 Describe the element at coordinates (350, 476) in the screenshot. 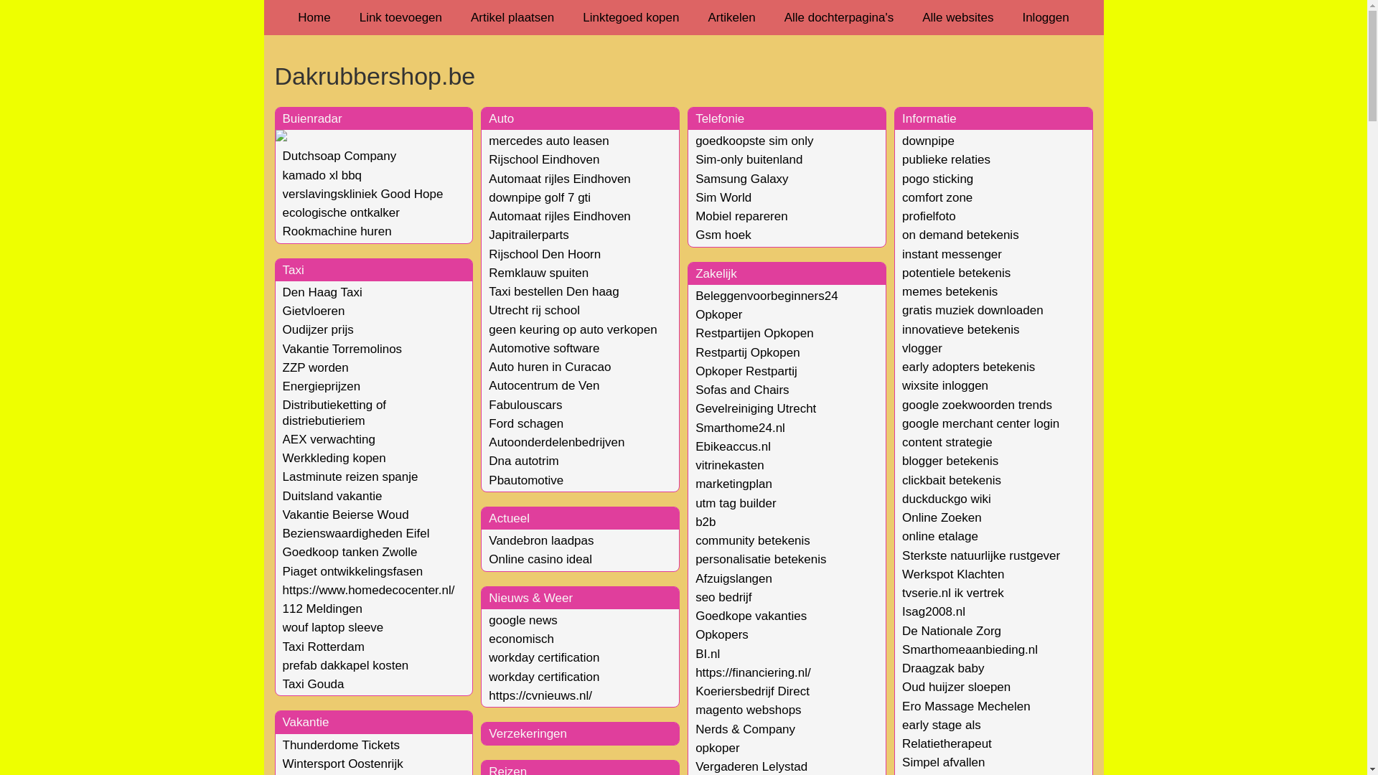

I see `'Lastminute reizen spanje'` at that location.